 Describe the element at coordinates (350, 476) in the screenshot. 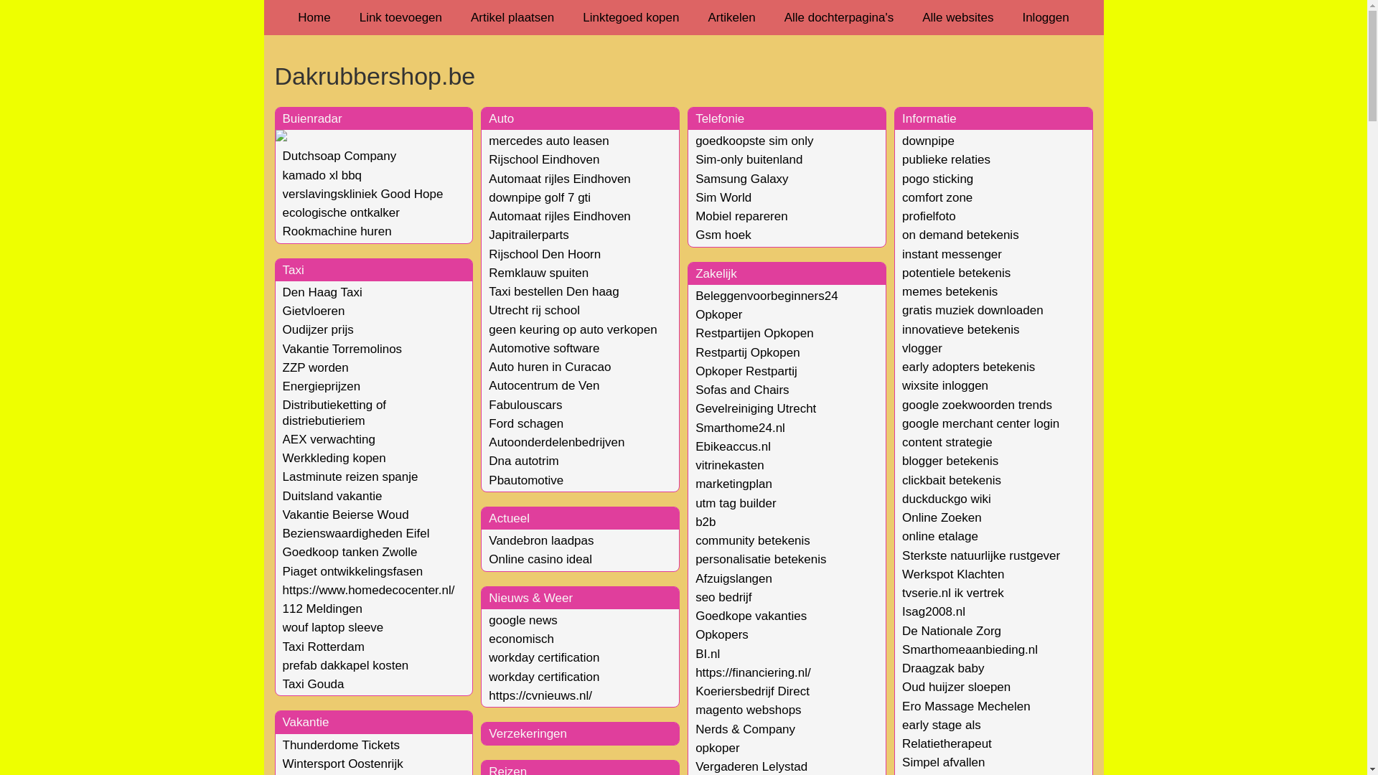

I see `'Lastminute reizen spanje'` at that location.